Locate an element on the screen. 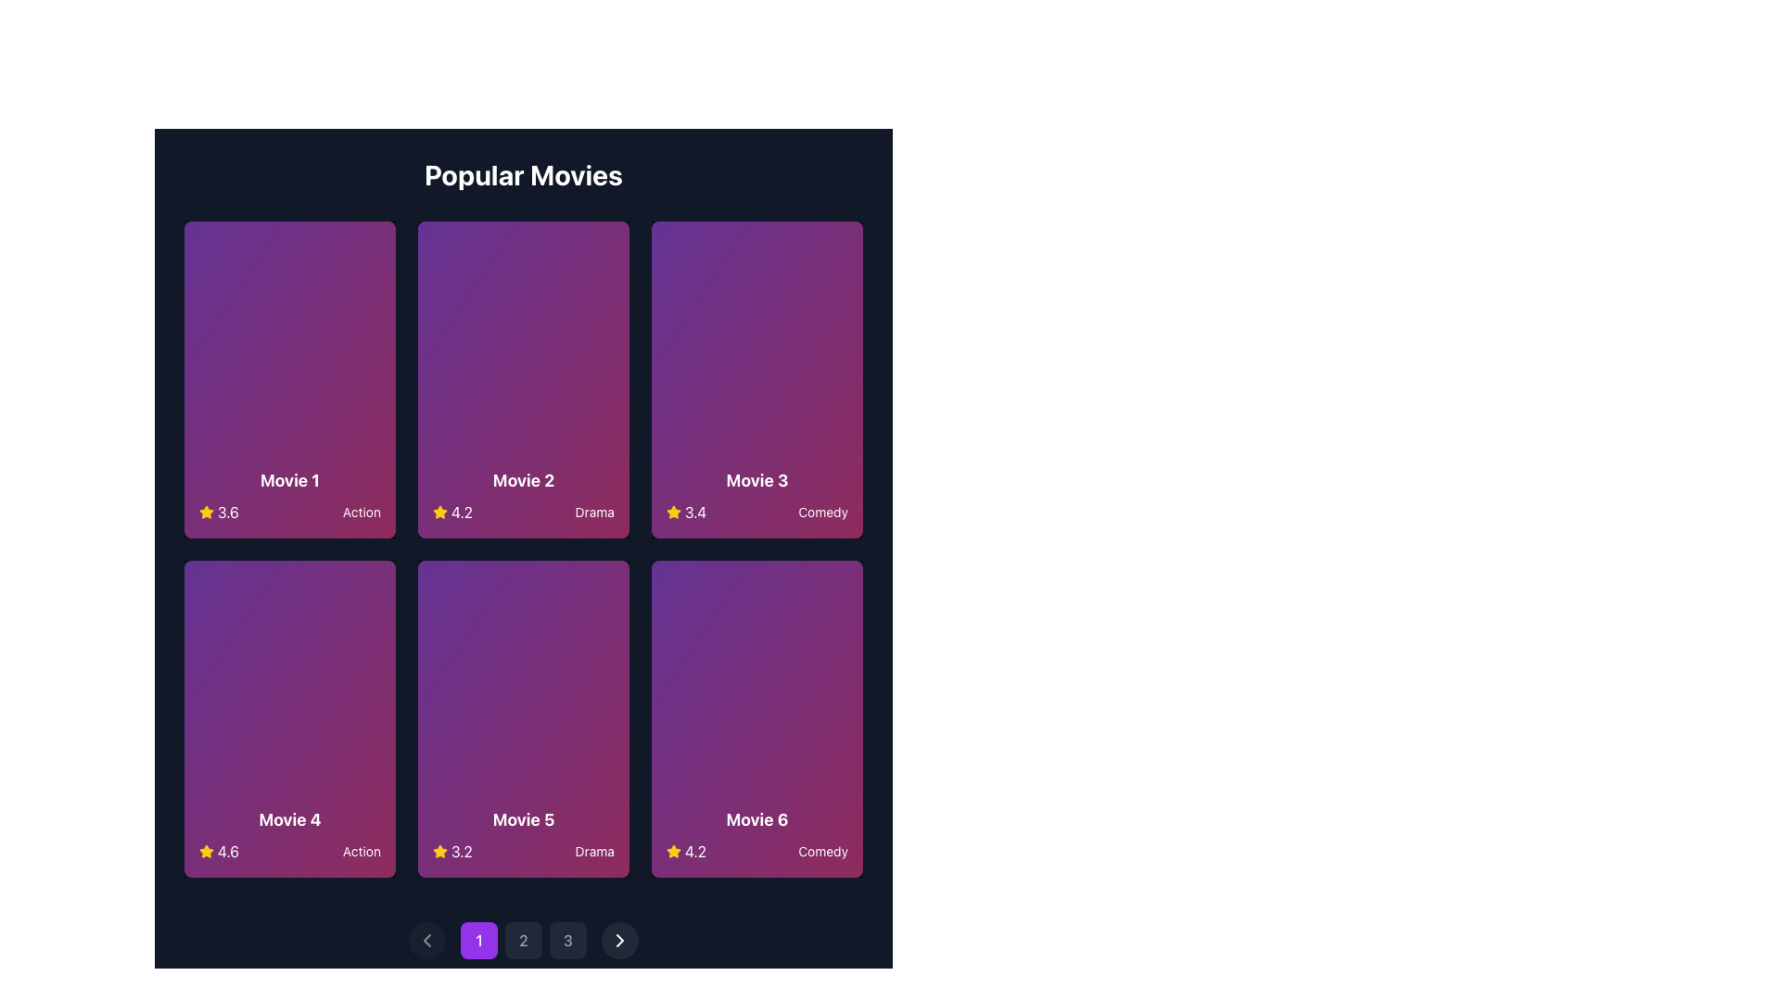 The image size is (1780, 1001). the visually prominent yellow star rating icon located in the second position of the second row in the movie card grid layout next to the rating text '4.2' for 'Movie 5' is located at coordinates (206, 512).